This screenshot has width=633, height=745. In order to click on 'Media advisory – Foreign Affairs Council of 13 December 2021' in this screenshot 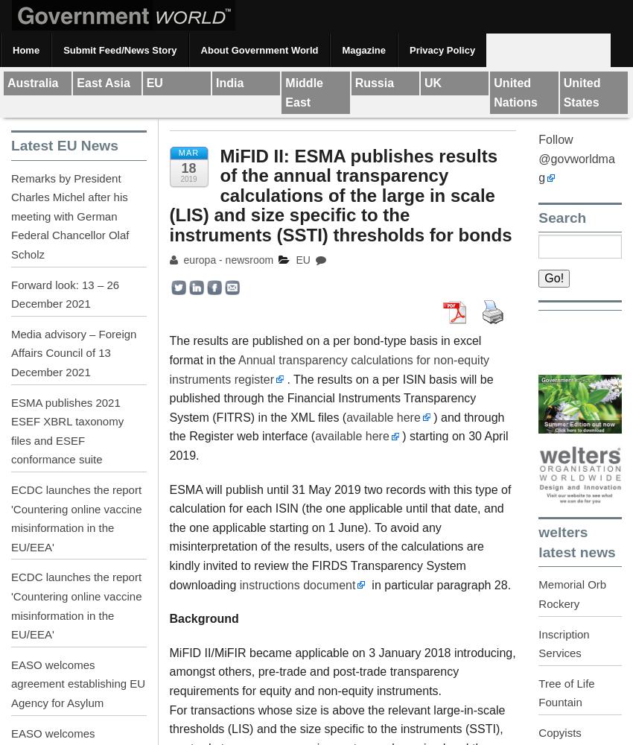, I will do `click(73, 352)`.